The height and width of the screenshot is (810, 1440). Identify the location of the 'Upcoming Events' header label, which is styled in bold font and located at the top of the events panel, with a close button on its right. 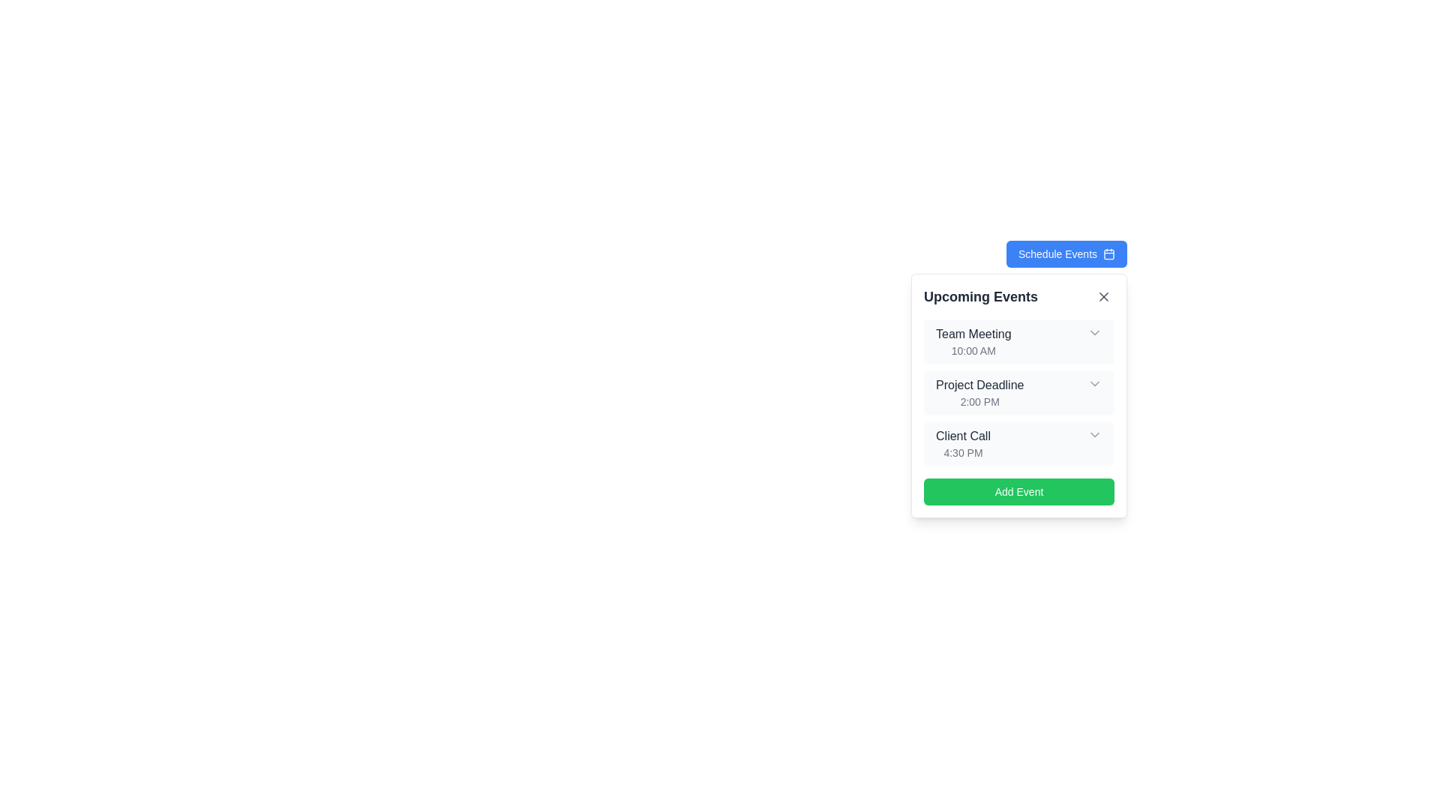
(1018, 297).